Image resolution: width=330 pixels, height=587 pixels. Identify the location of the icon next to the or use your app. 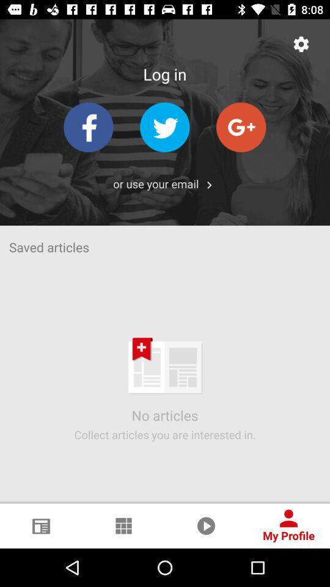
(208, 185).